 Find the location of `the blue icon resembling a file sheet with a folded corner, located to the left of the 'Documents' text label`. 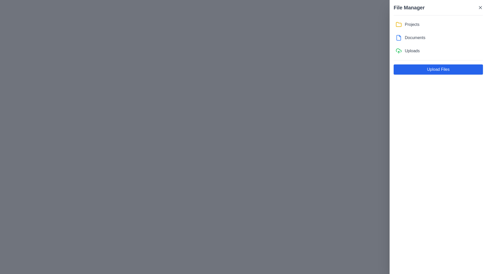

the blue icon resembling a file sheet with a folded corner, located to the left of the 'Documents' text label is located at coordinates (398, 38).